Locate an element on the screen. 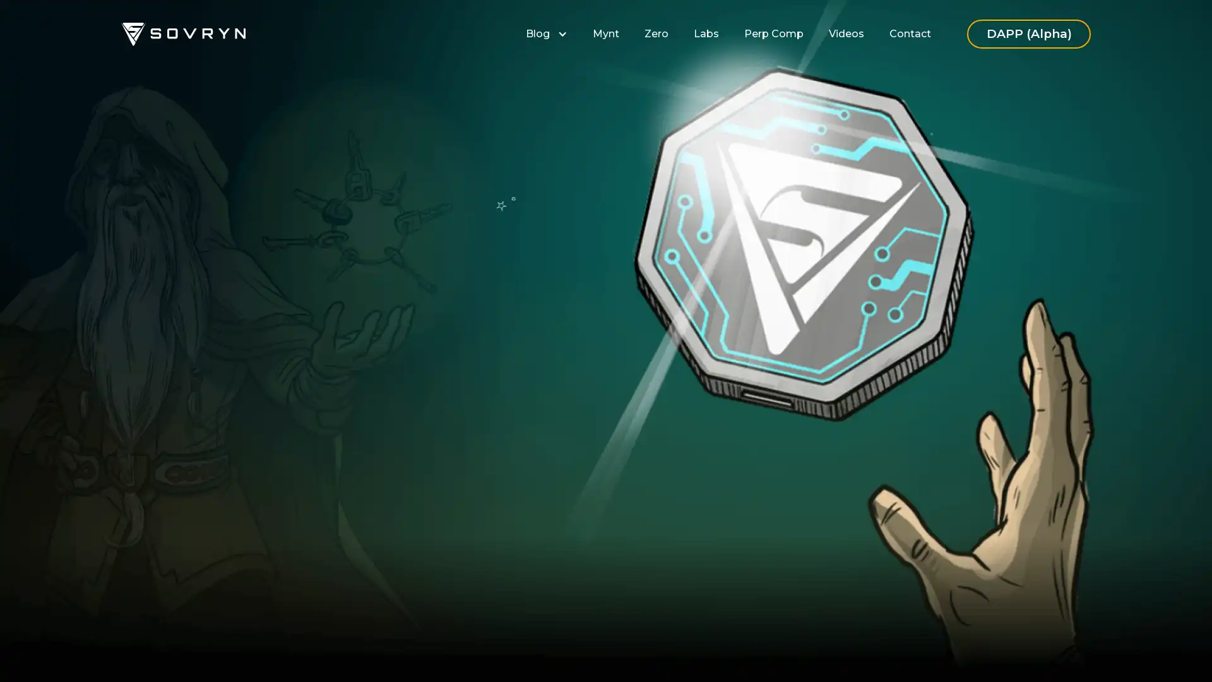  Sign me up! is located at coordinates (452, 422).